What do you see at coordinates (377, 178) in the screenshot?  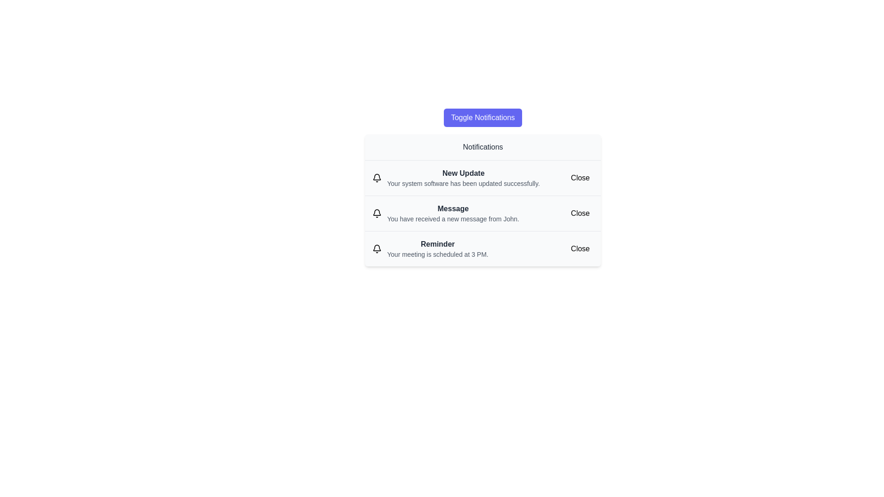 I see `the notification icon on the left side of the 'New Update' text, which serves as a visual indicator for alerts or updates` at bounding box center [377, 178].